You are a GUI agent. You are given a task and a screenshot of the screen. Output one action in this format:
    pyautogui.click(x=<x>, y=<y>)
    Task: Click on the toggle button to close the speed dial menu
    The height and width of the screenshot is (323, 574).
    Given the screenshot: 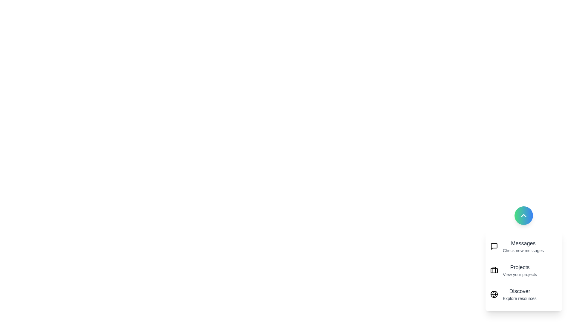 What is the action you would take?
    pyautogui.click(x=523, y=216)
    